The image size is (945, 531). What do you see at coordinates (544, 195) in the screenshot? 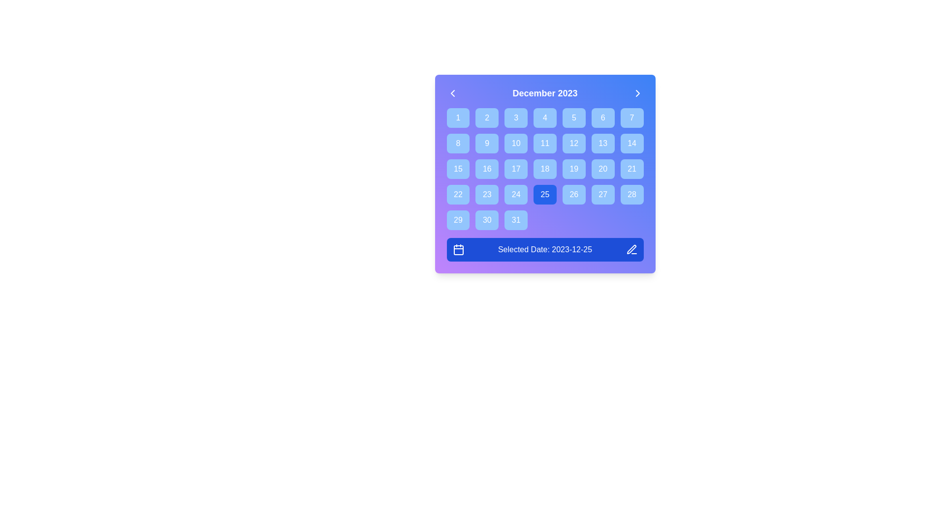
I see `the rounded rectangular button with a blue background and white text displaying '25'` at bounding box center [544, 195].